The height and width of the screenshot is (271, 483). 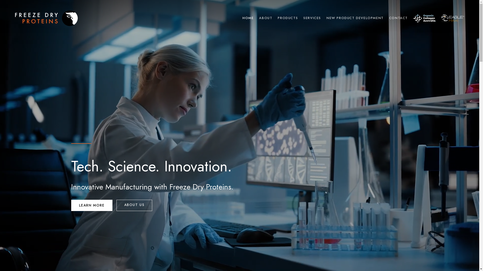 What do you see at coordinates (288, 18) in the screenshot?
I see `'PRODUCTS'` at bounding box center [288, 18].